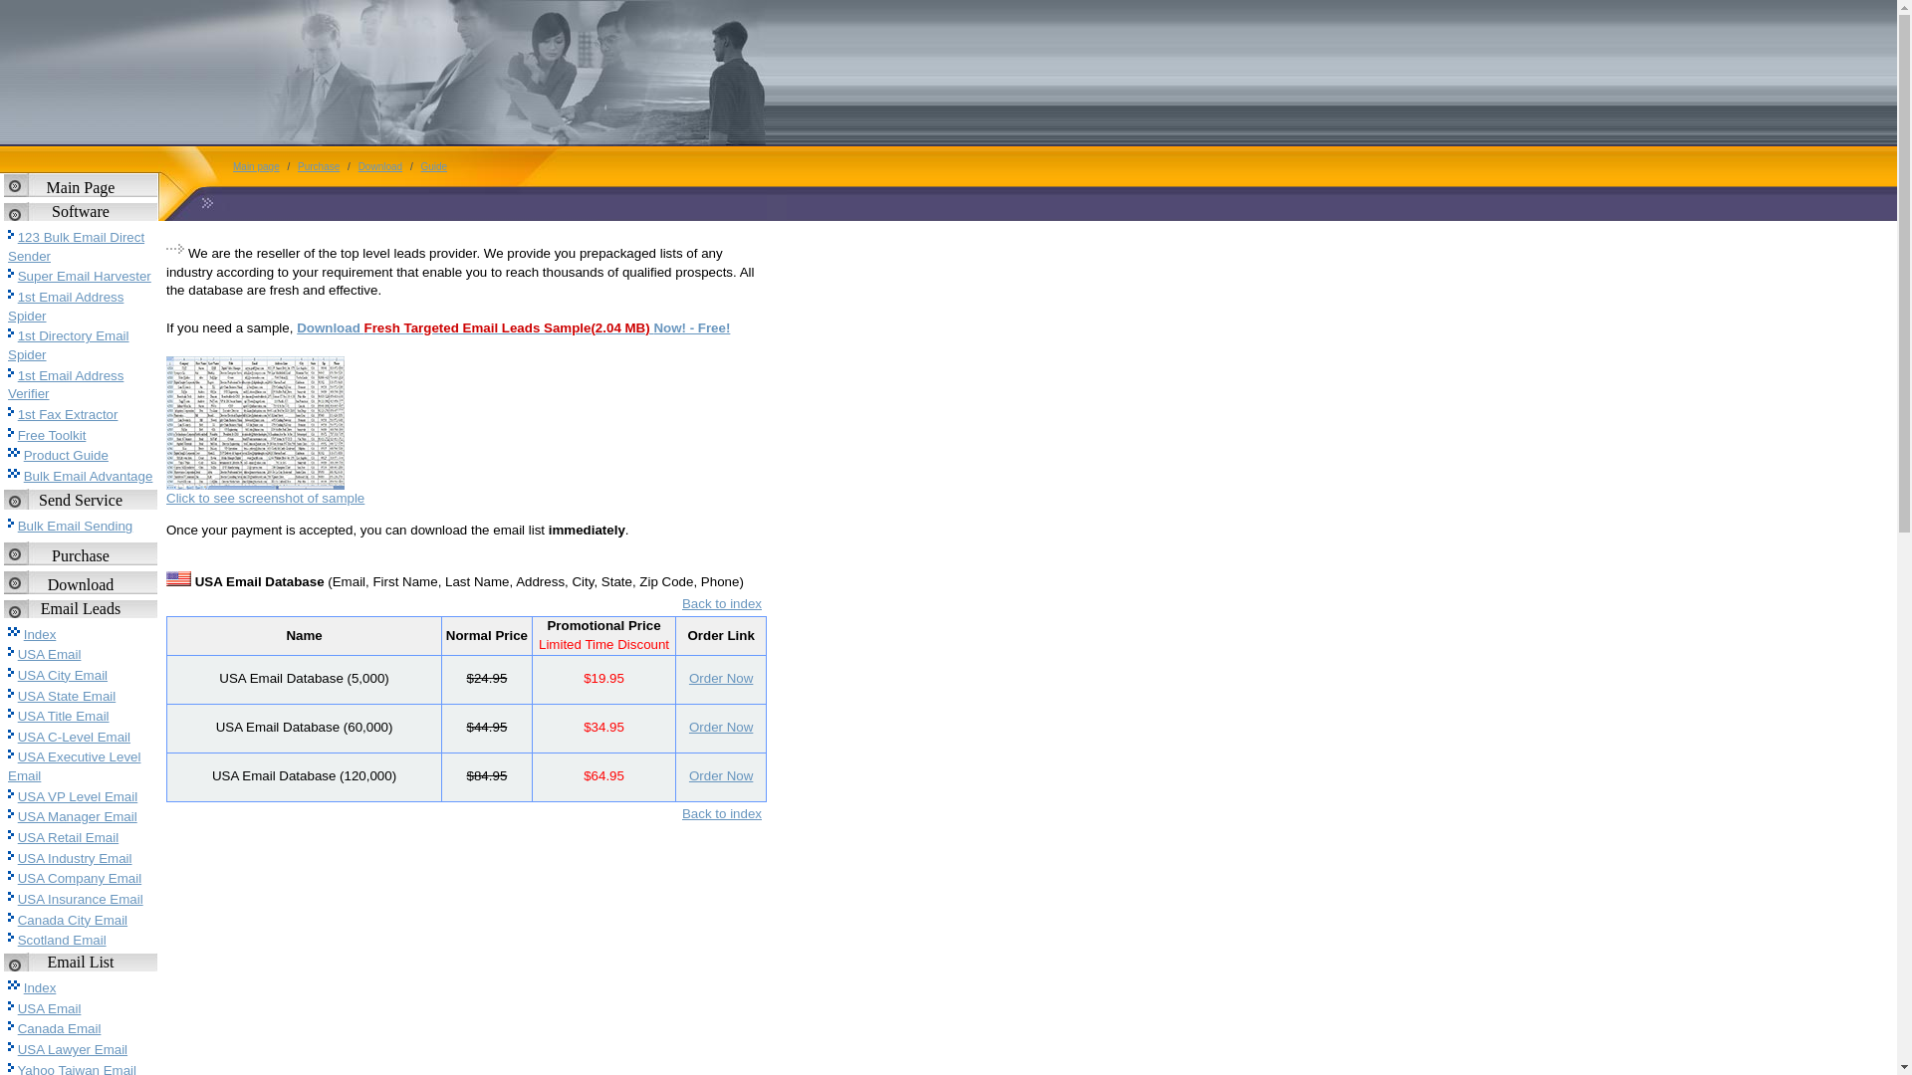  Describe the element at coordinates (80, 583) in the screenshot. I see `'Download'` at that location.